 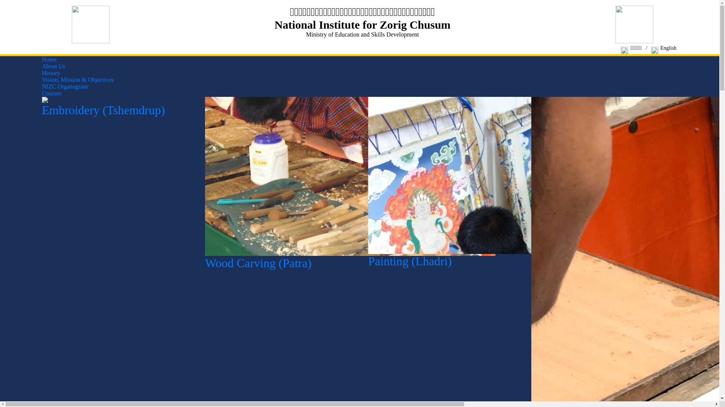 What do you see at coordinates (41, 80) in the screenshot?
I see `'Vision, Mission & Objectives'` at bounding box center [41, 80].